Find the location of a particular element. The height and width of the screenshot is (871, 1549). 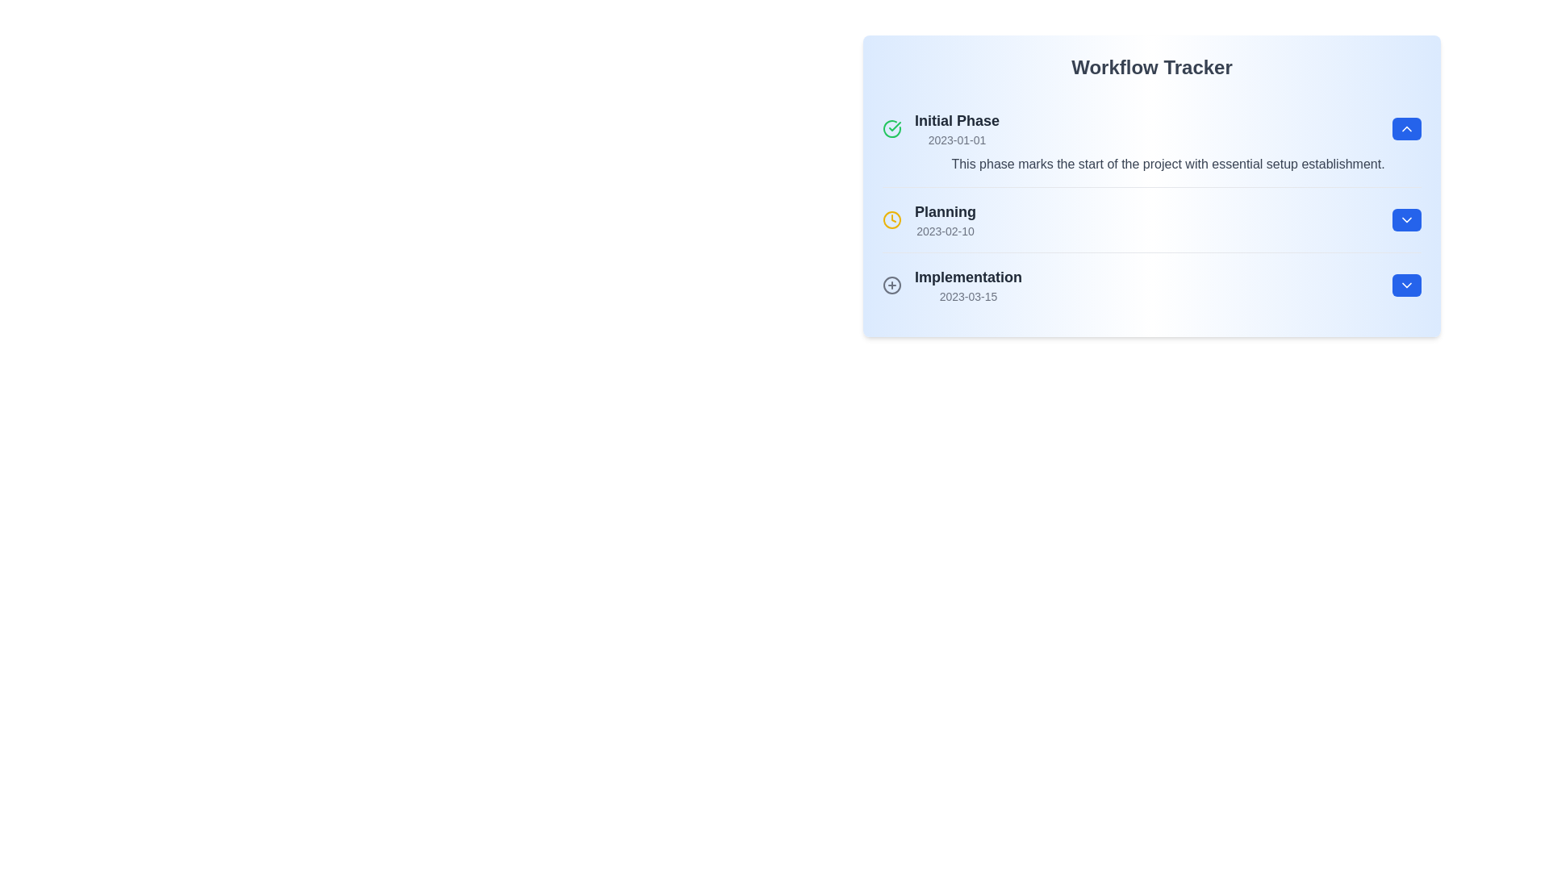

the circular clock icon with a yellow outline located to the left of the text 'Planning' in the workflow items list is located at coordinates (891, 220).